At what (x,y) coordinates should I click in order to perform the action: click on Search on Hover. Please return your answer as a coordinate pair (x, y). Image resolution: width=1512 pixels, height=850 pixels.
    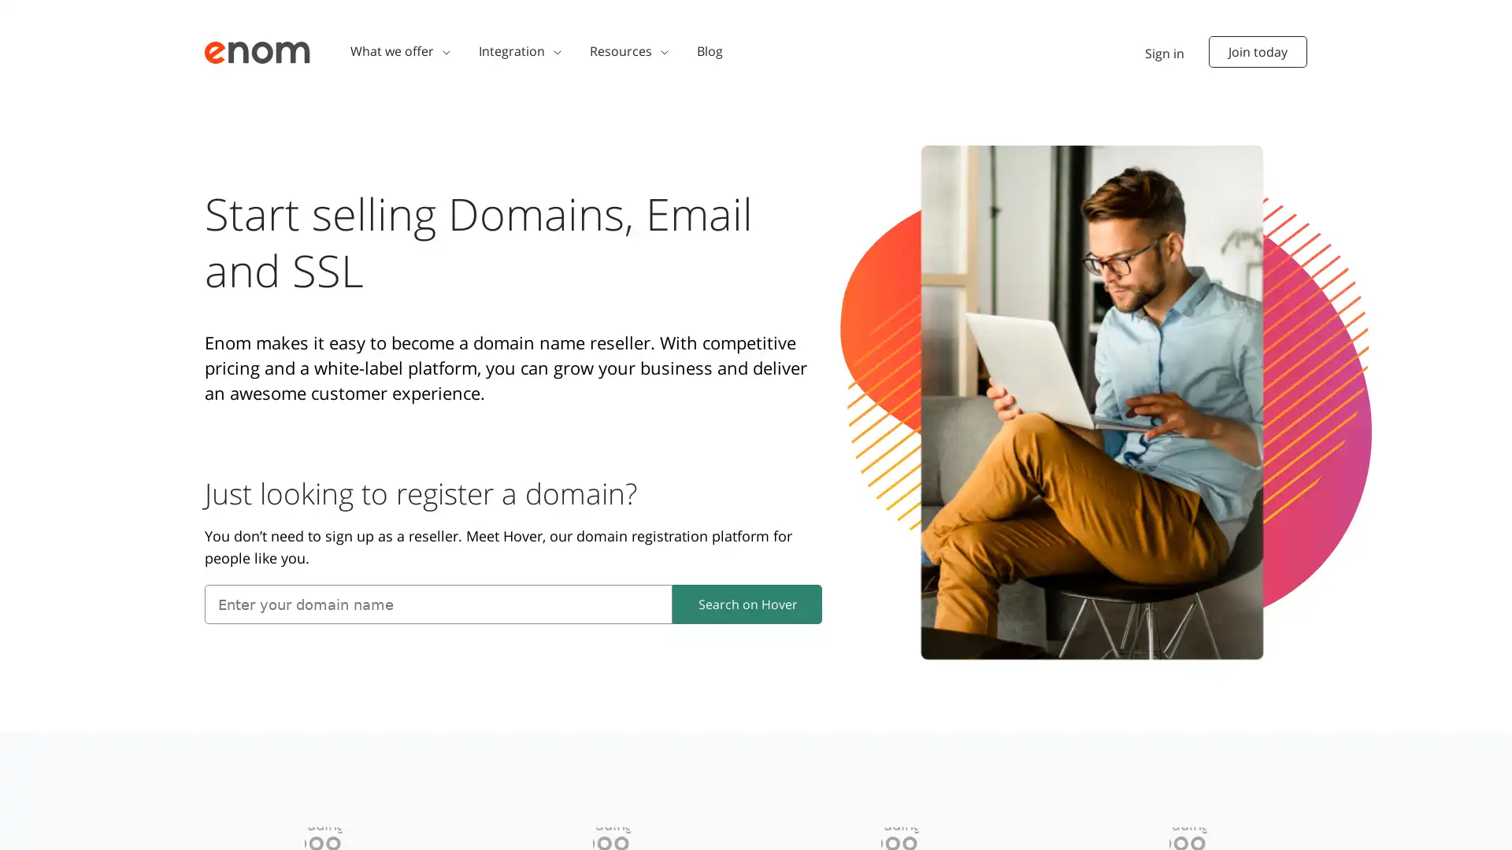
    Looking at the image, I should click on (747, 603).